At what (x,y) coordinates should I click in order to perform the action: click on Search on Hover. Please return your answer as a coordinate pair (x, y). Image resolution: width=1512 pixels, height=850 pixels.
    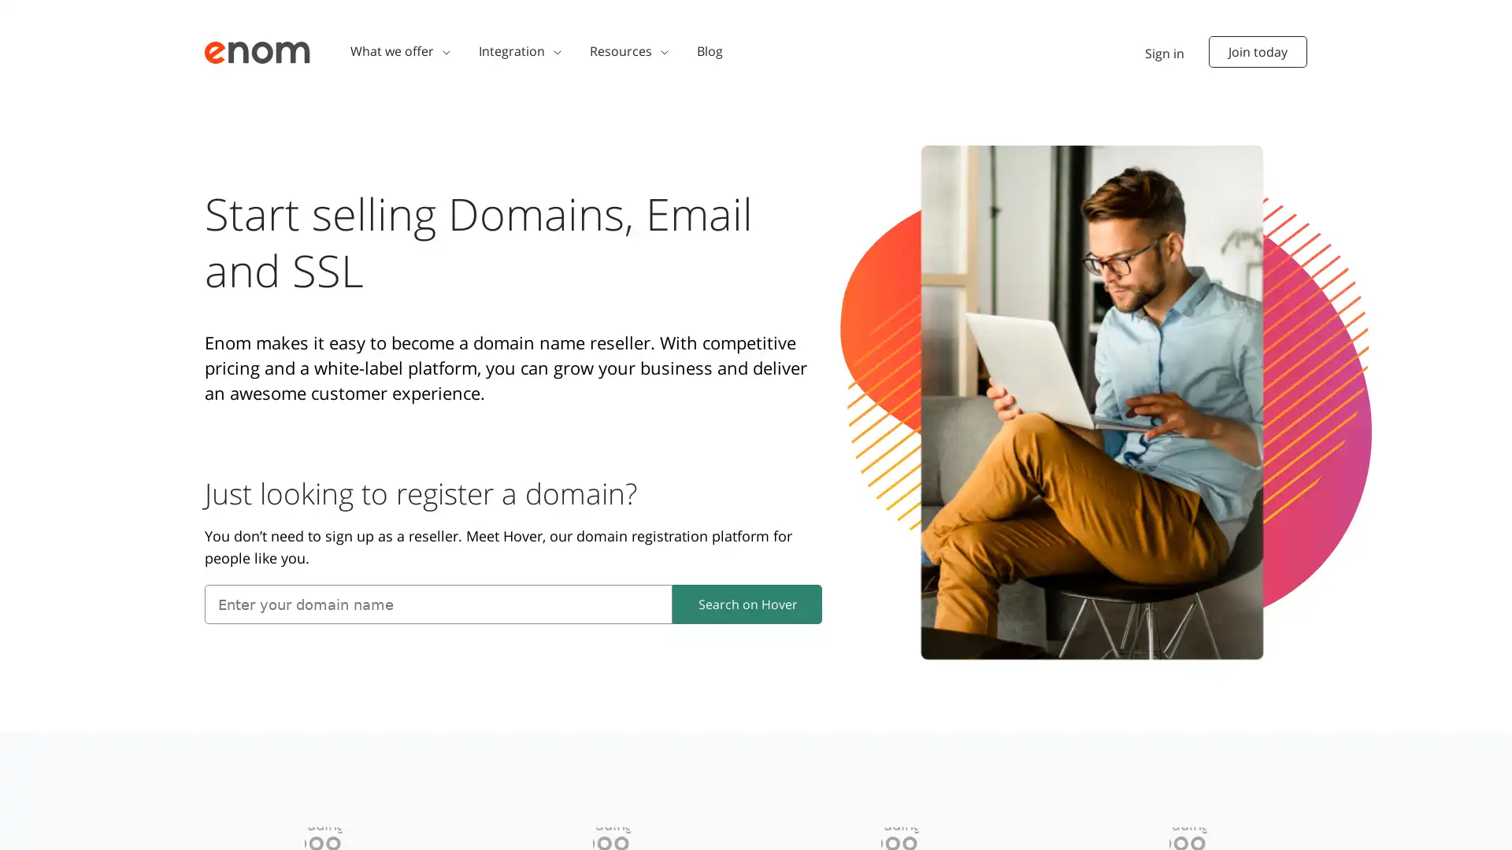
    Looking at the image, I should click on (747, 603).